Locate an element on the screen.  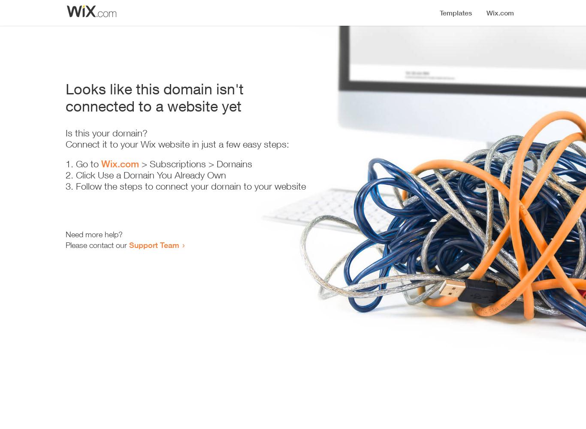
'> Subscriptions > Domains' is located at coordinates (139, 164).